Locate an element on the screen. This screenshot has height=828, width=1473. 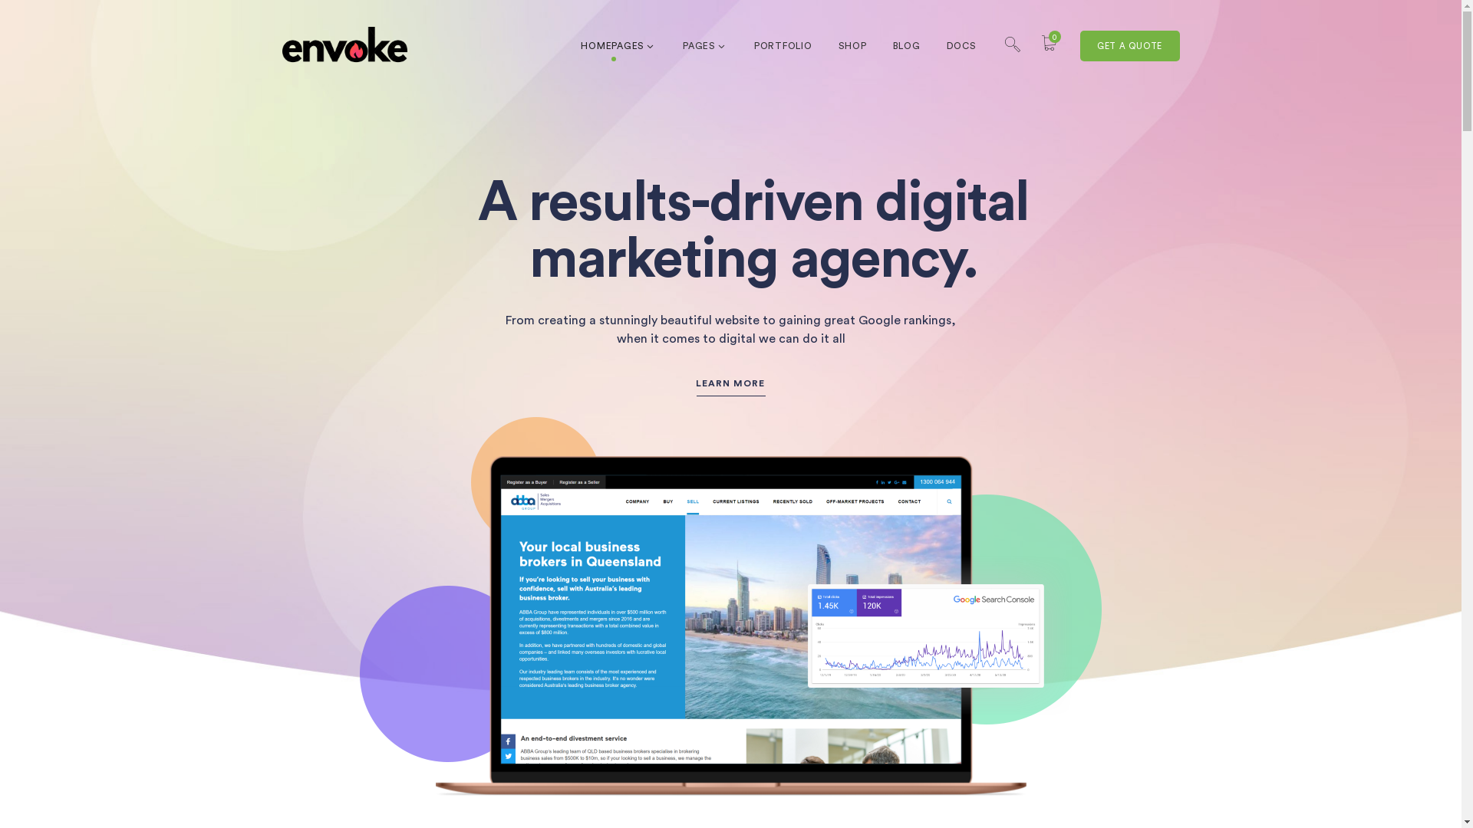
'LEARN MORE' is located at coordinates (728, 383).